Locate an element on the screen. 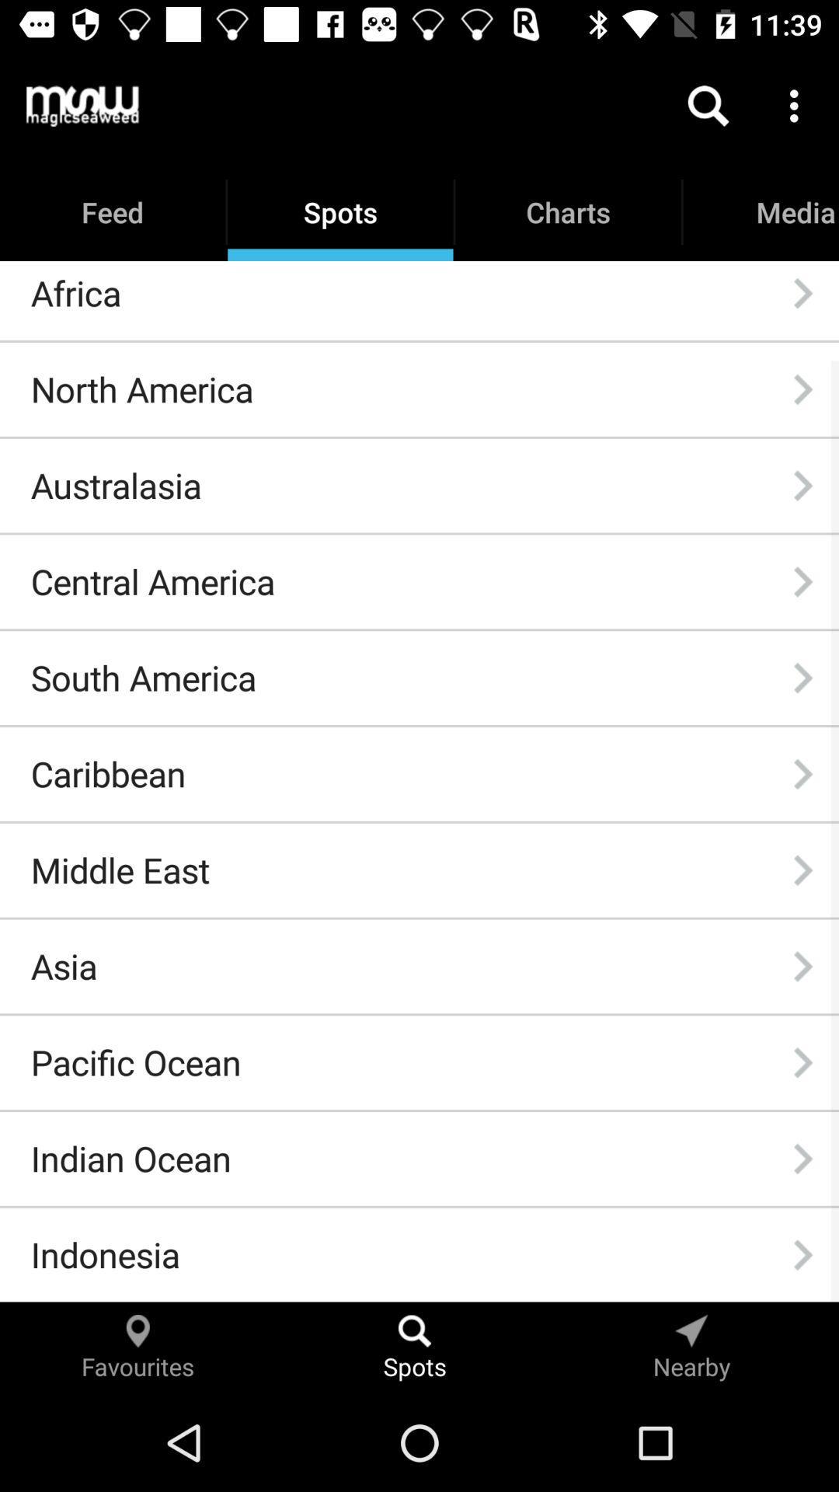 The height and width of the screenshot is (1492, 839). the icon below feed icon is located at coordinates (75, 293).